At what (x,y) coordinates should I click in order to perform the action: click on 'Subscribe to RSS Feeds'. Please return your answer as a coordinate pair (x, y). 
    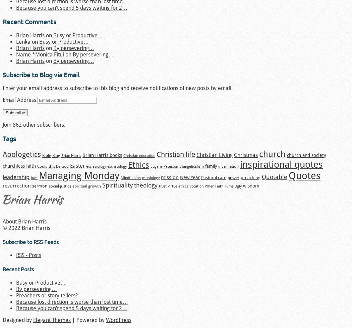
    Looking at the image, I should click on (31, 241).